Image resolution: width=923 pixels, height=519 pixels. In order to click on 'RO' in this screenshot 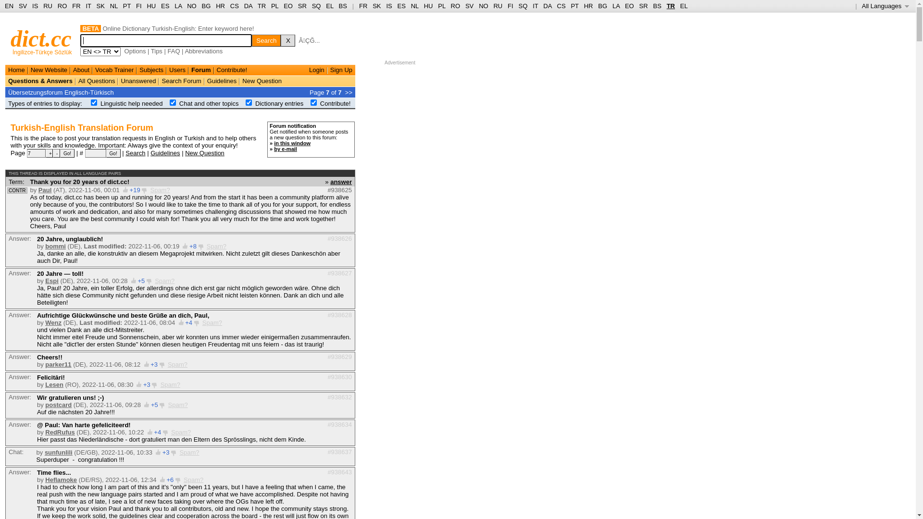, I will do `click(450, 6)`.